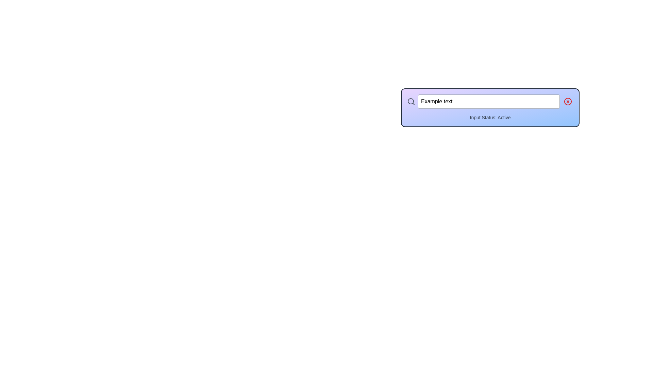 Image resolution: width=653 pixels, height=367 pixels. What do you see at coordinates (411, 101) in the screenshot?
I see `the decorative SVG Circle element that is part of the magnifying glass icon, which symbolizes search functionality and is located on the left-side end of the input field with placeholder text 'Example text'` at bounding box center [411, 101].